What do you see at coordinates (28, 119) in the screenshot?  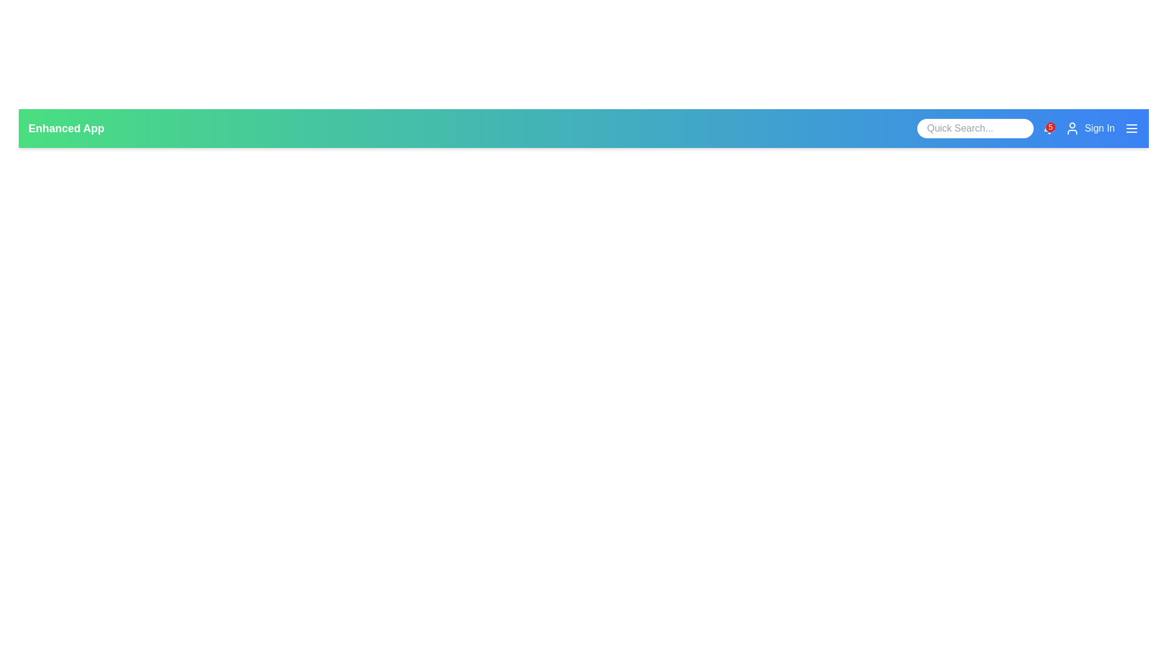 I see `the application title by clicking and dragging over the text 'Enhanced App'` at bounding box center [28, 119].